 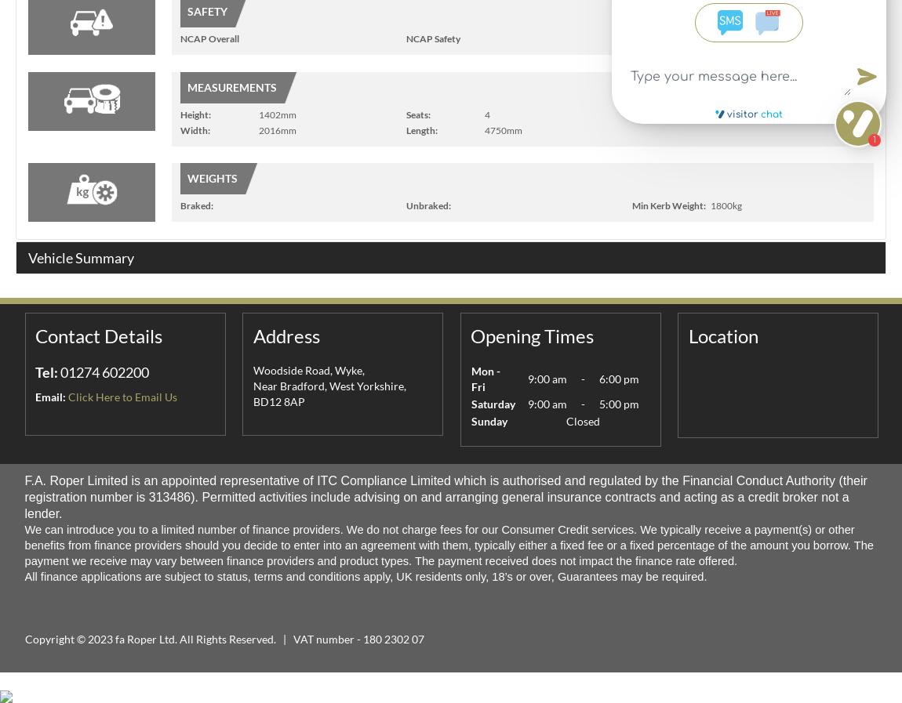 I want to click on 'Email:', so click(x=49, y=397).